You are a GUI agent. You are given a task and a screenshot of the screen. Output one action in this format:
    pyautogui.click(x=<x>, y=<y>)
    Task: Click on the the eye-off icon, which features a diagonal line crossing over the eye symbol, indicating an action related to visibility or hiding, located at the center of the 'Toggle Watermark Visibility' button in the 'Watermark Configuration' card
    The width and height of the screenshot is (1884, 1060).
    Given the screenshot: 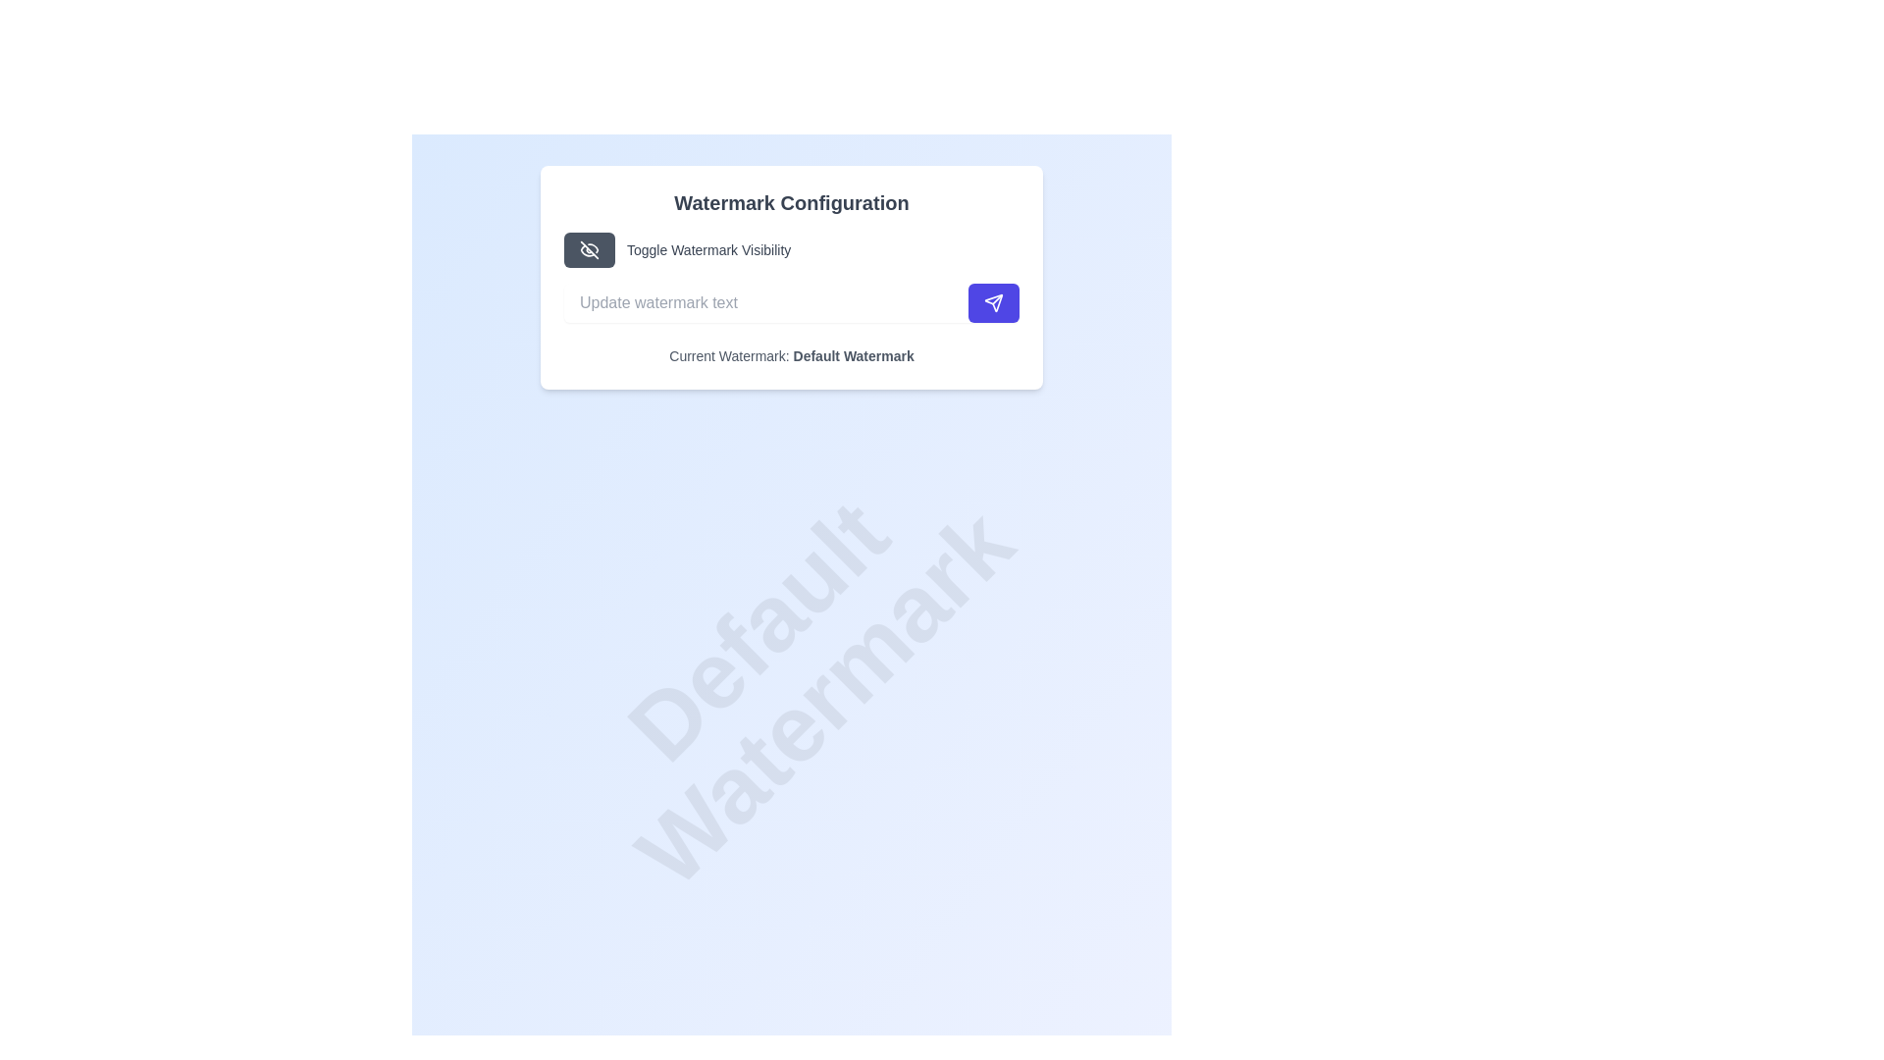 What is the action you would take?
    pyautogui.click(x=588, y=248)
    